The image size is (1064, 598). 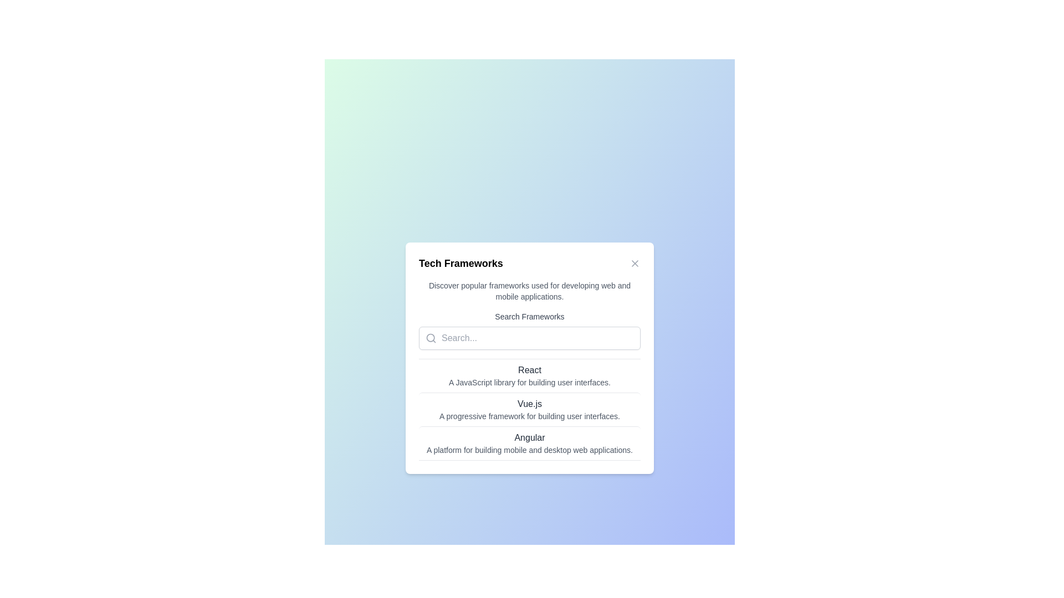 I want to click on the text label stating 'Search Frameworks', which is a medium-sized gray font located between the subtitle and the search input field, so click(x=529, y=316).